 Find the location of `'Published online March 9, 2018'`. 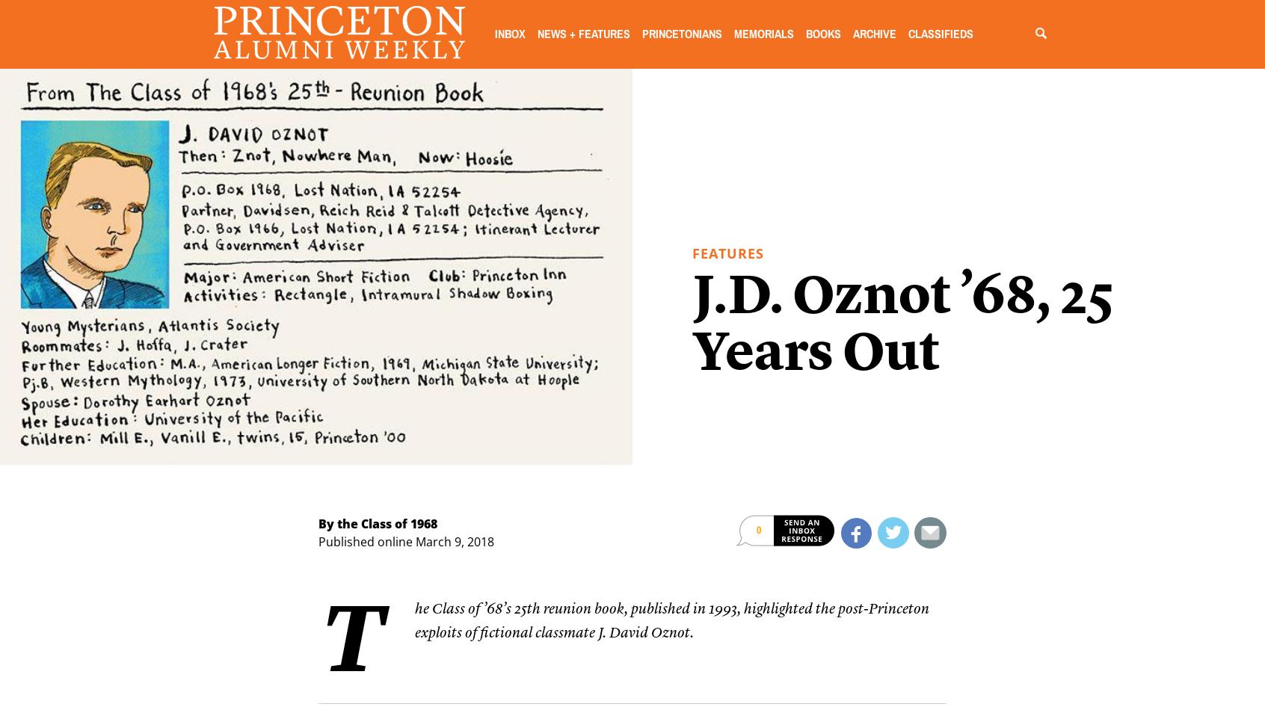

'Published online March 9, 2018' is located at coordinates (406, 540).